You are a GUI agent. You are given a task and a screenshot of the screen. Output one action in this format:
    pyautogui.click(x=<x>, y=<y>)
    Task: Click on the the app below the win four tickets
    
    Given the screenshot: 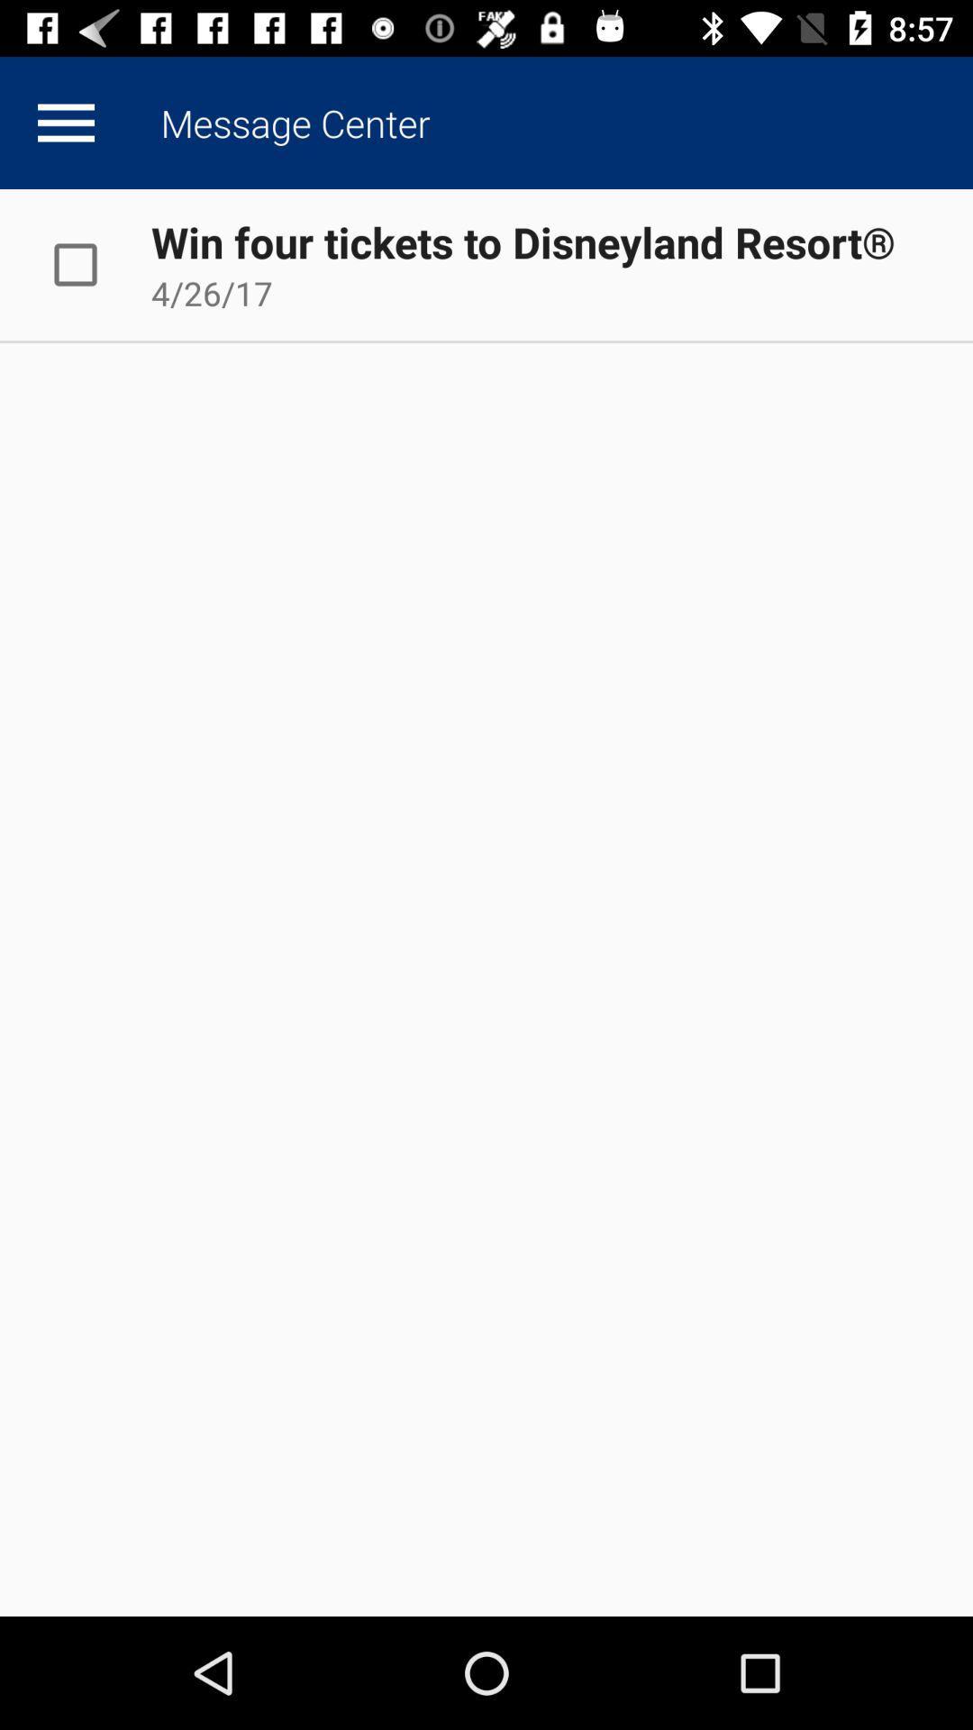 What is the action you would take?
    pyautogui.click(x=211, y=293)
    